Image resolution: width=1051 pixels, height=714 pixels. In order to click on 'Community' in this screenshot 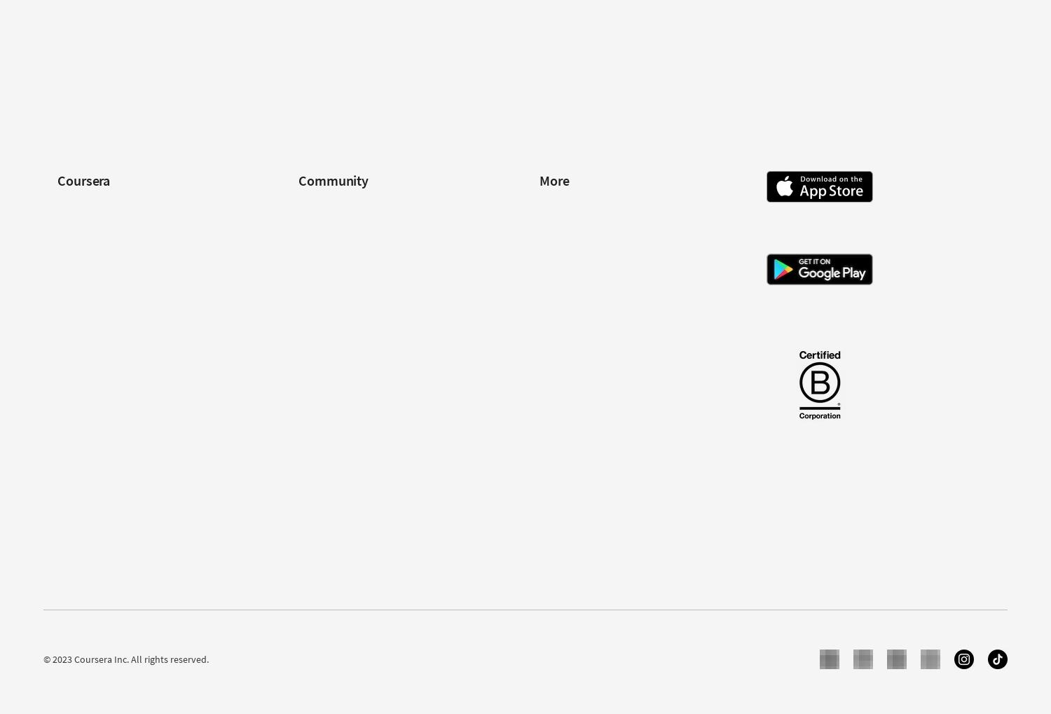, I will do `click(332, 180)`.